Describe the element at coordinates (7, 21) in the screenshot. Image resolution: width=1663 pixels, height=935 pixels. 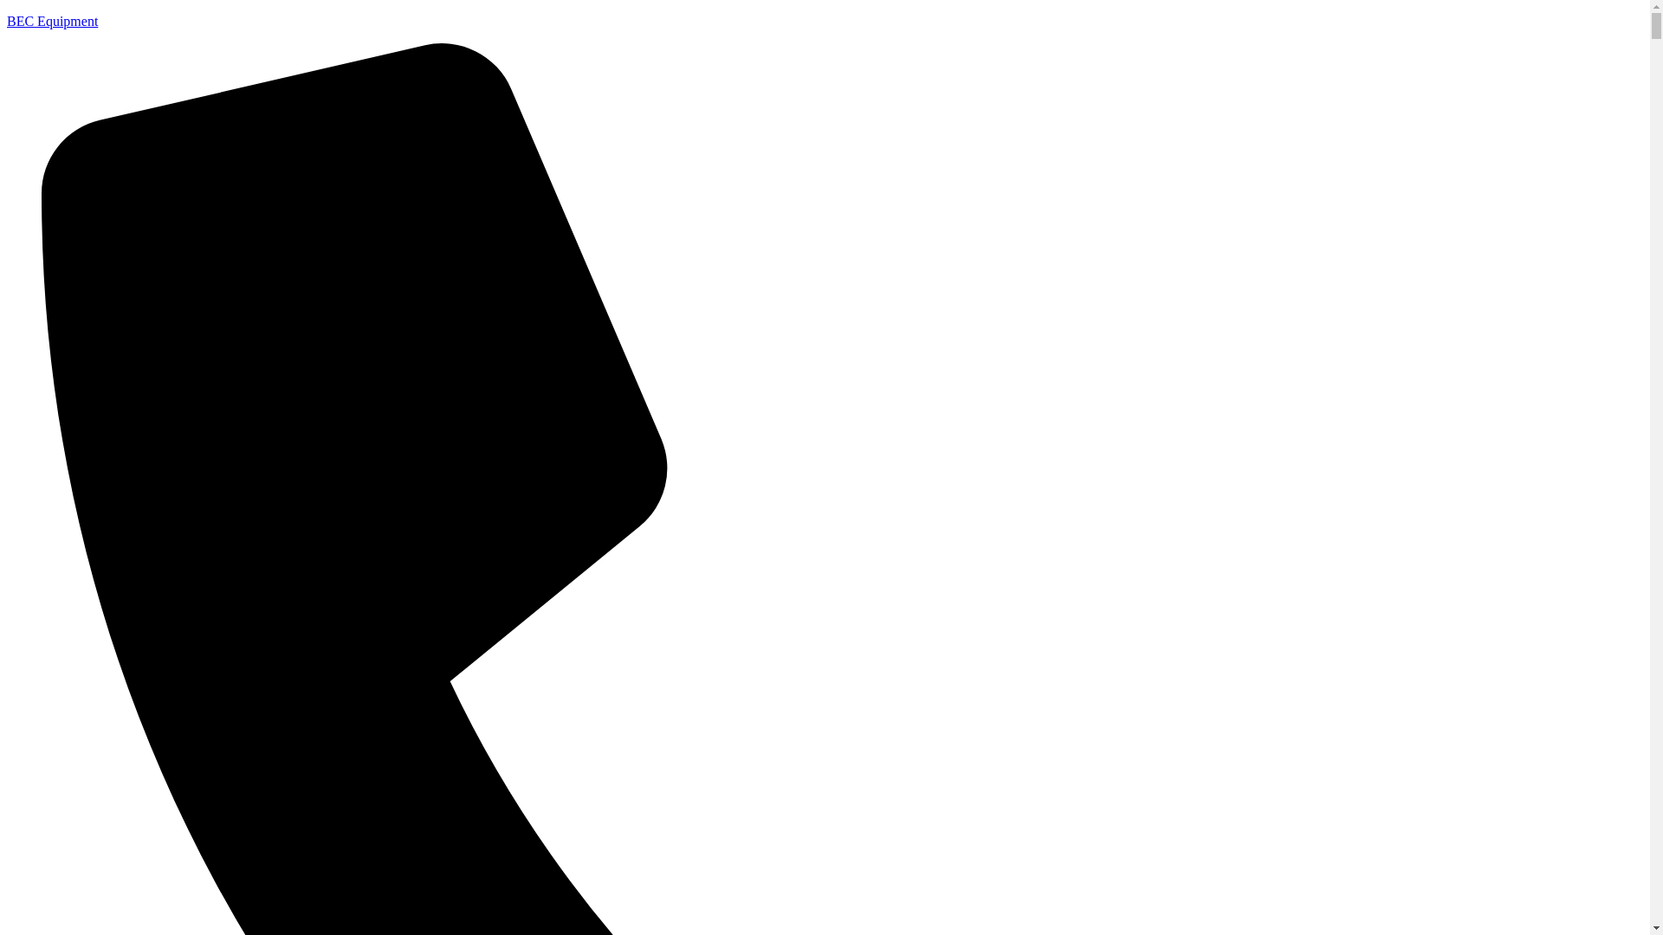
I see `'BEC Equipment'` at that location.